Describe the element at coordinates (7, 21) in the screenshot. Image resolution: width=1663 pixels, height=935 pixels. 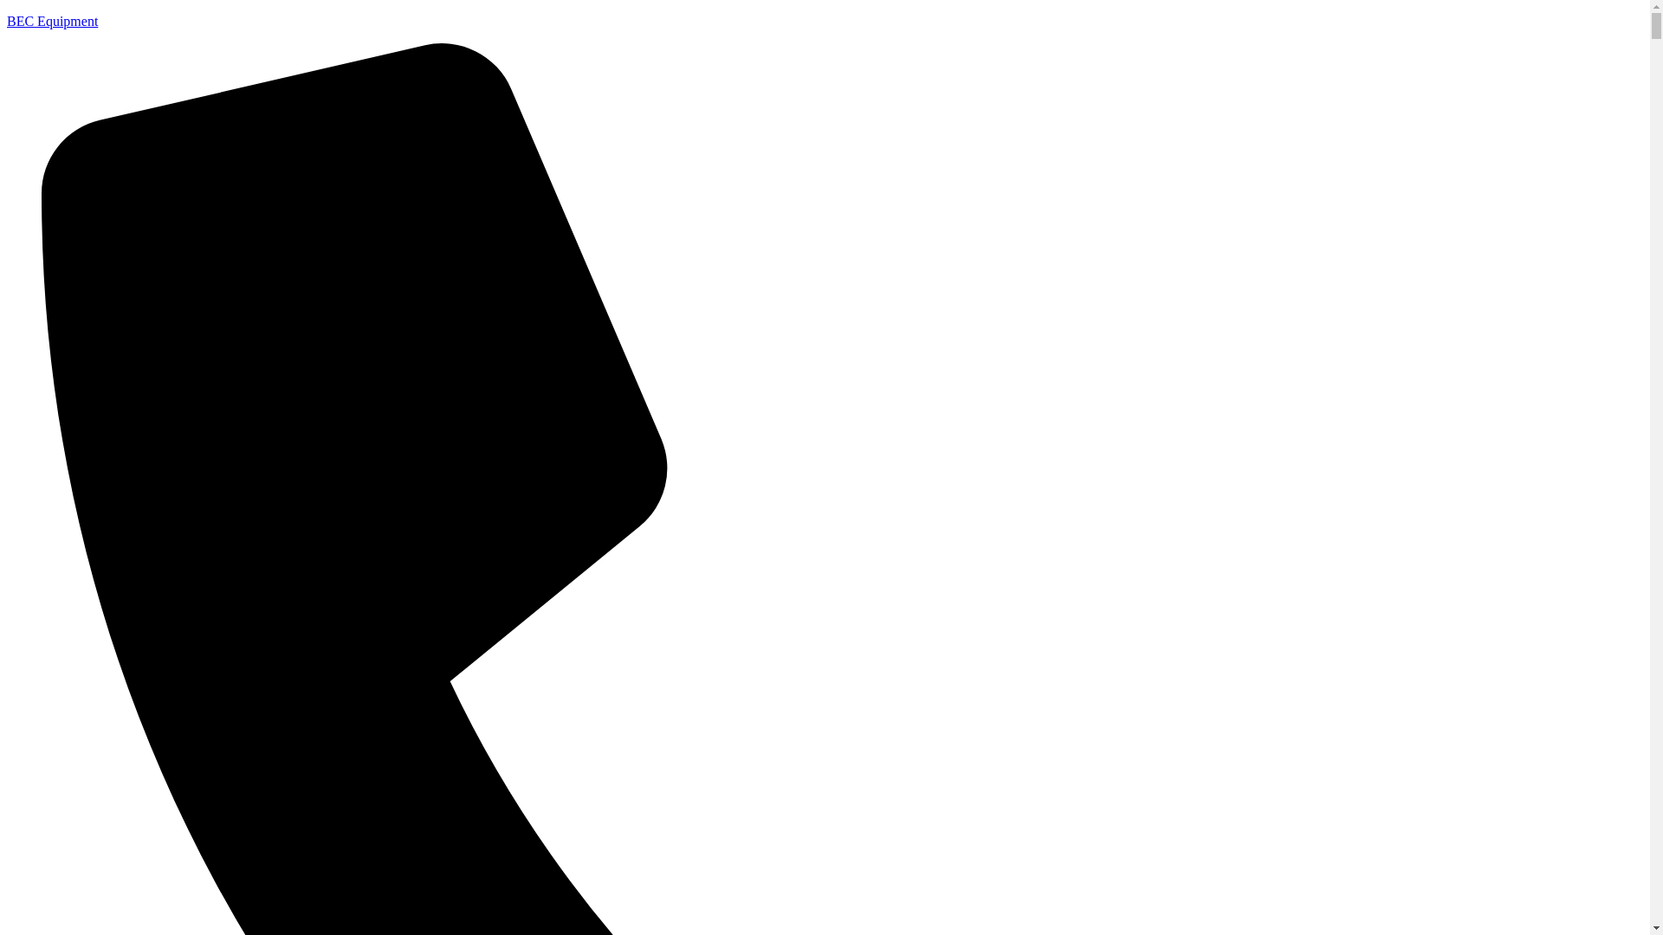
I see `'BEC Equipment'` at that location.